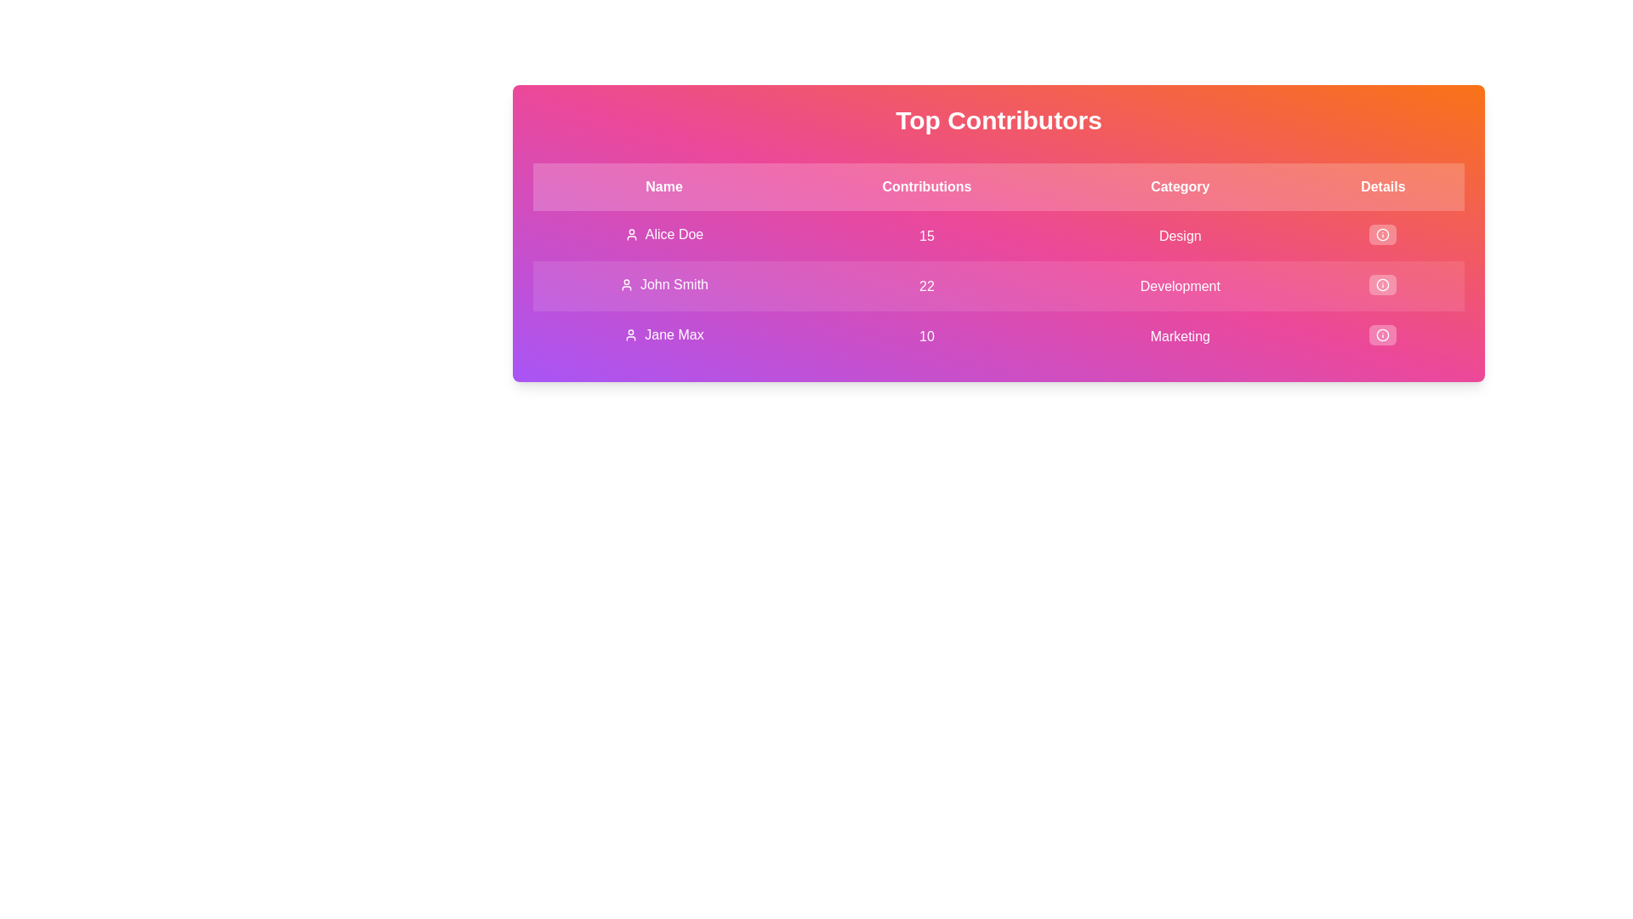  What do you see at coordinates (1383, 334) in the screenshot?
I see `the rounded button with a semi-transparent white background in the 'Details' column of the third row` at bounding box center [1383, 334].